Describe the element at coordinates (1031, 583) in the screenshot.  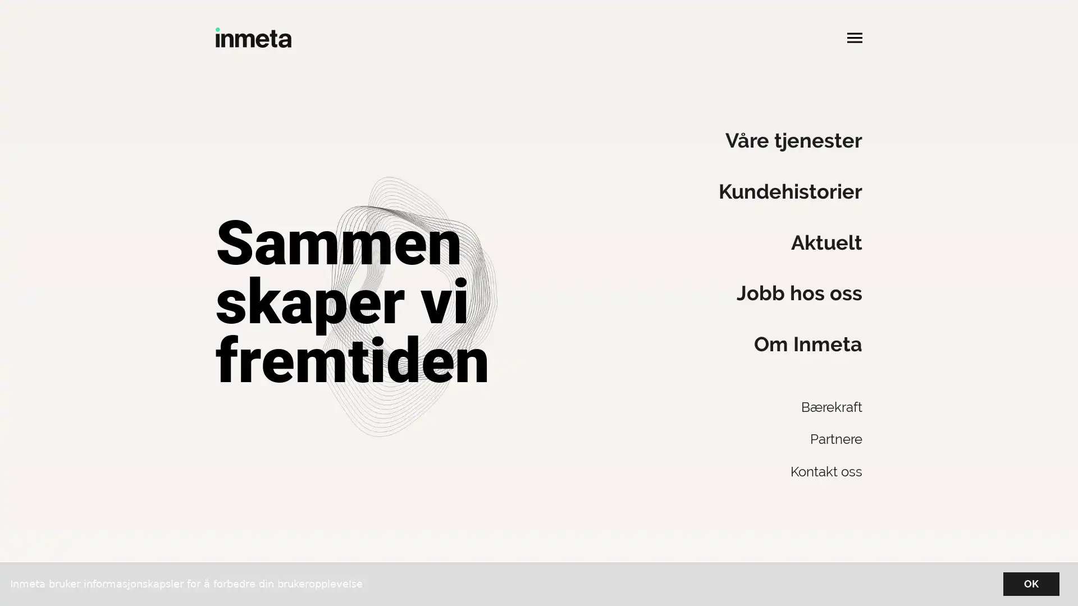
I see `OK` at that location.